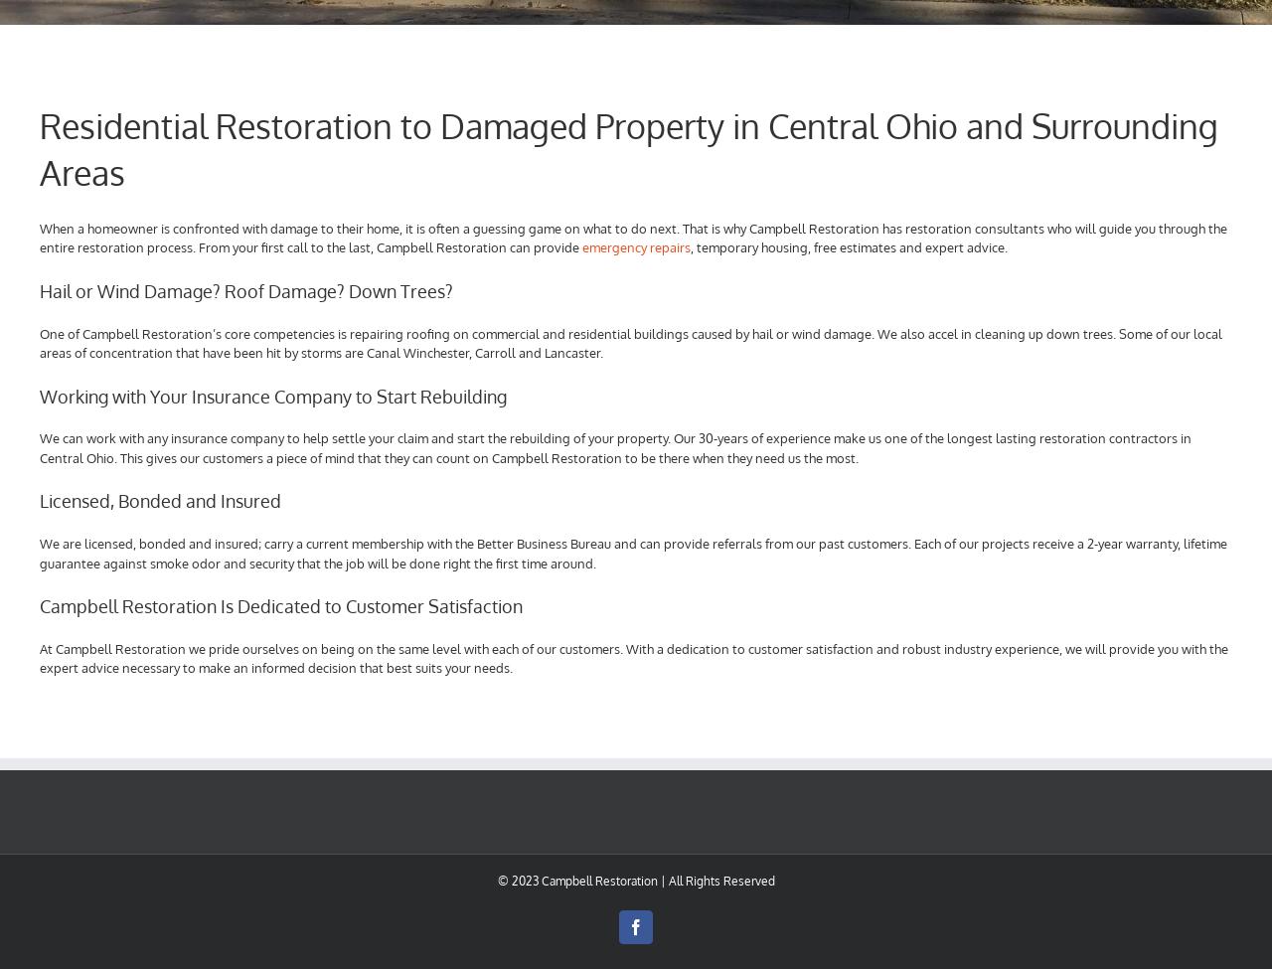 This screenshot has height=969, width=1272. What do you see at coordinates (245, 290) in the screenshot?
I see `'Hail or Wind Damage? Roof Damage? Down Trees?'` at bounding box center [245, 290].